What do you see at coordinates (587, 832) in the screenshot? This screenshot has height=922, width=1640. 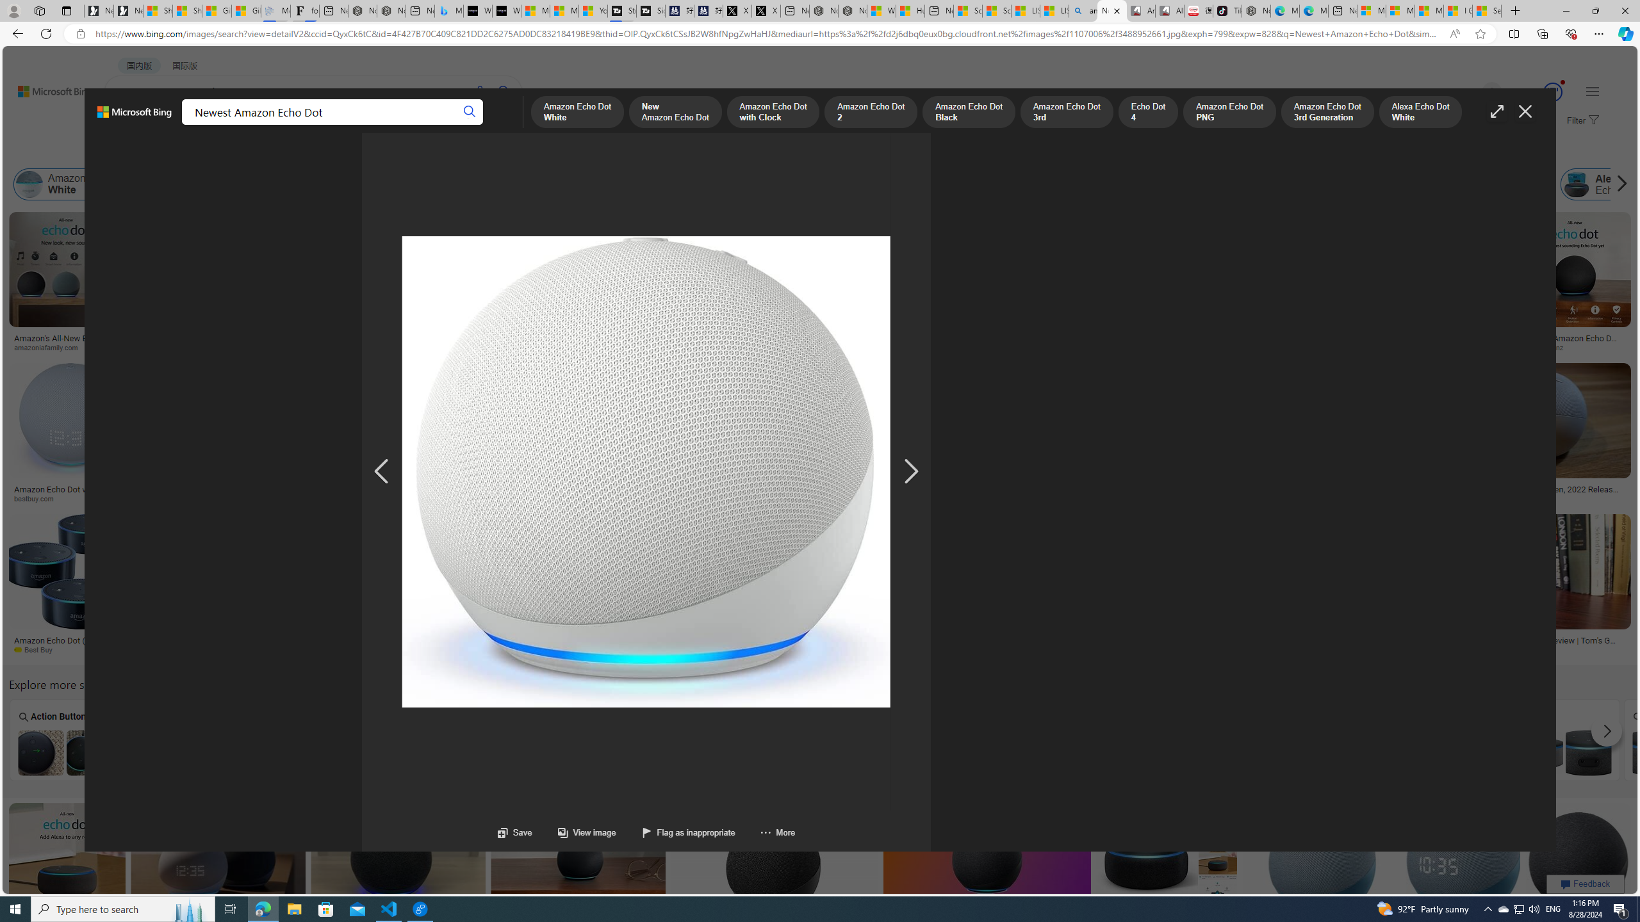 I see `'View image'` at bounding box center [587, 832].